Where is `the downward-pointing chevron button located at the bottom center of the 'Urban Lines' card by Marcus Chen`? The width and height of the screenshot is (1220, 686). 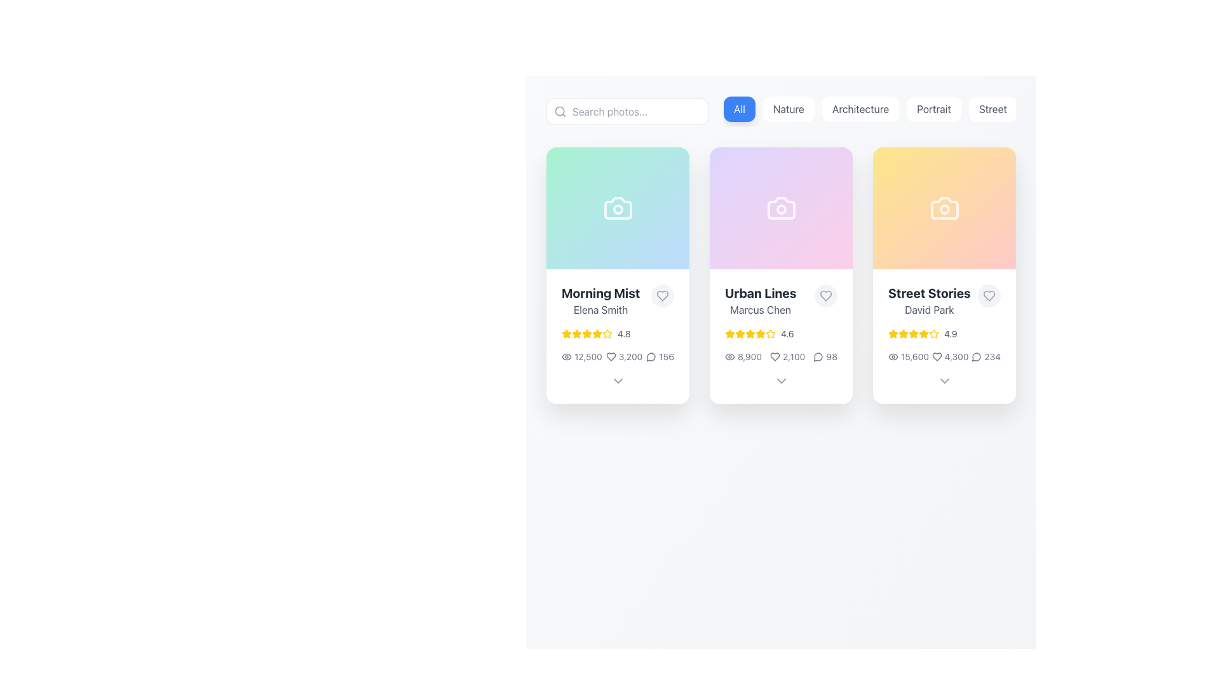 the downward-pointing chevron button located at the bottom center of the 'Urban Lines' card by Marcus Chen is located at coordinates (780, 380).